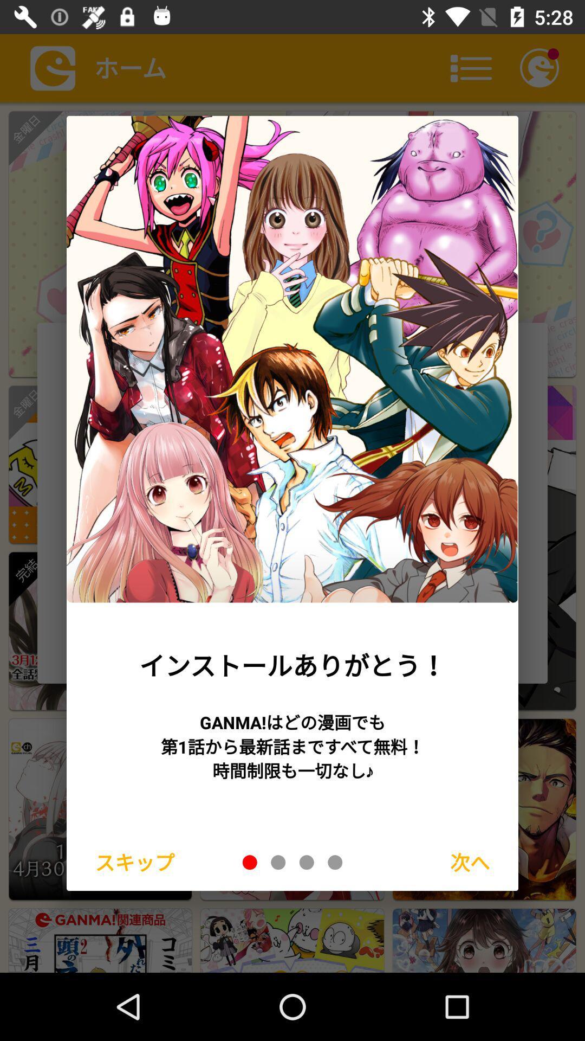 The width and height of the screenshot is (585, 1041). Describe the element at coordinates (250, 862) in the screenshot. I see `adding button` at that location.